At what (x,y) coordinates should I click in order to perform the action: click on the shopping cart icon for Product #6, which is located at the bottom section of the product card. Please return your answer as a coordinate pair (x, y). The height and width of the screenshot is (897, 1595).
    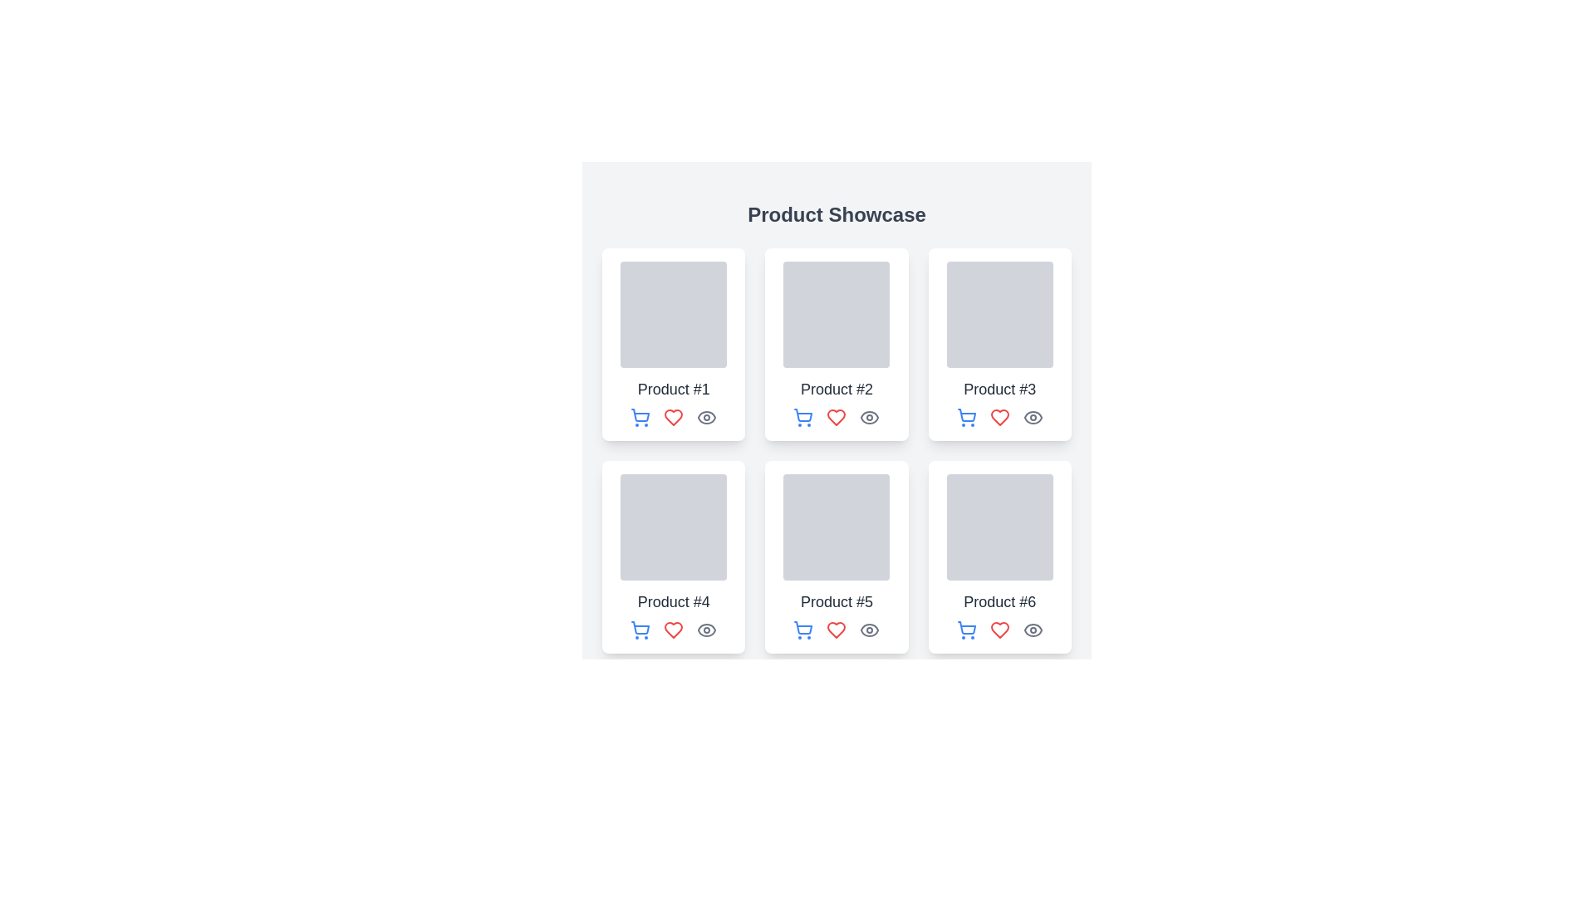
    Looking at the image, I should click on (966, 628).